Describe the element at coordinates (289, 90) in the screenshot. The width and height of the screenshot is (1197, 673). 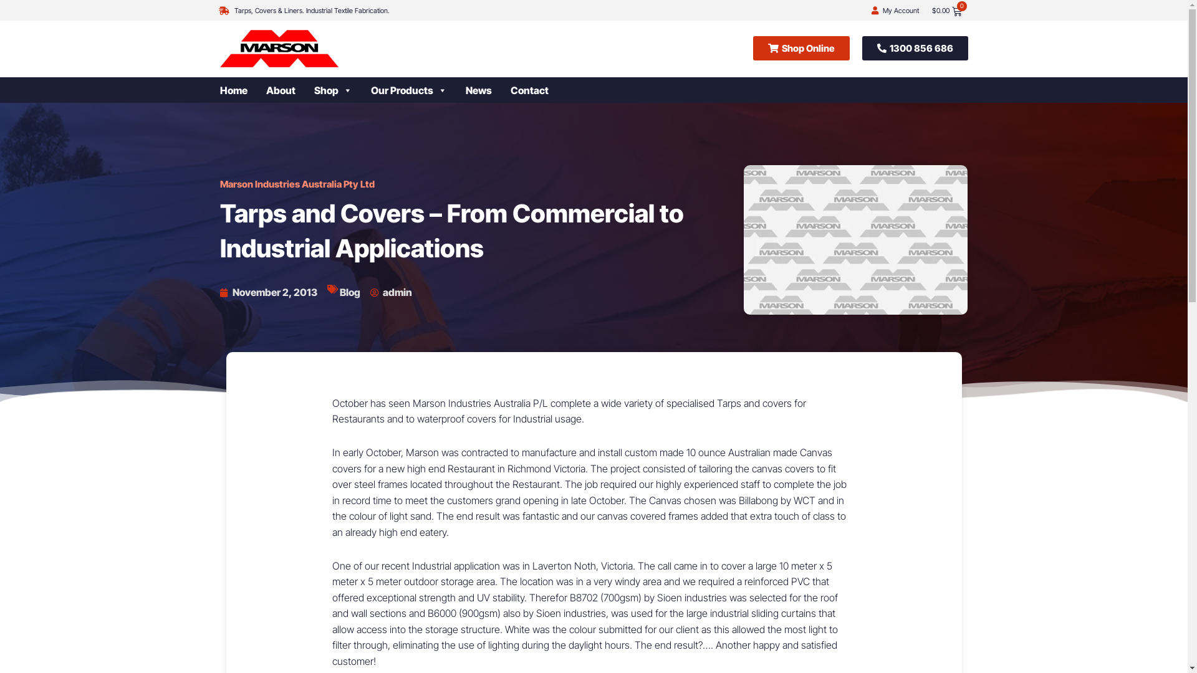
I see `'About'` at that location.